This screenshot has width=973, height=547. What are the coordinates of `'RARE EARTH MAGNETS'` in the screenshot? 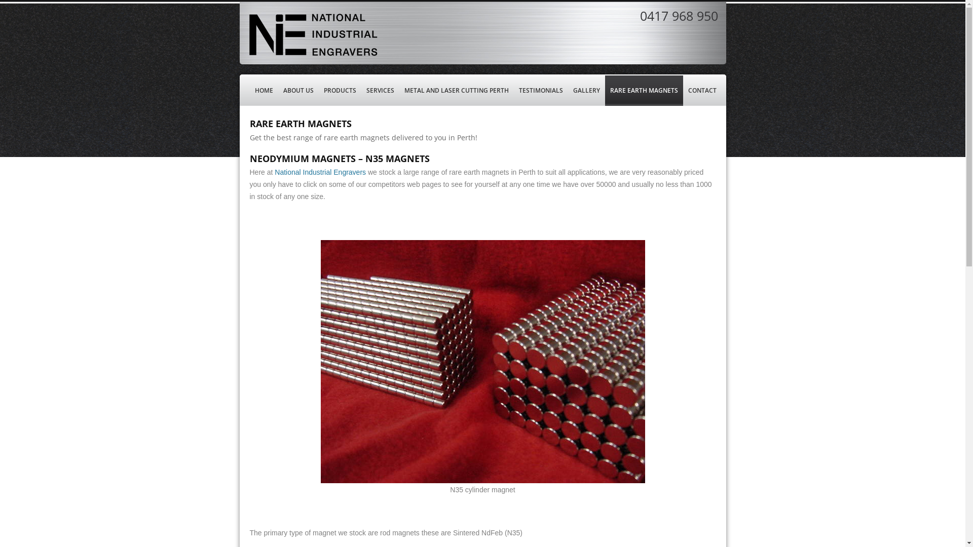 It's located at (644, 90).